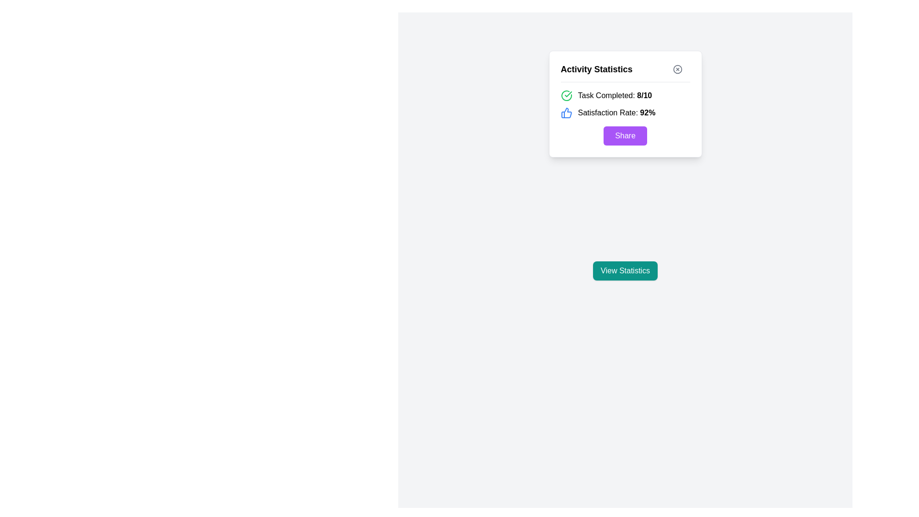 Image resolution: width=919 pixels, height=517 pixels. Describe the element at coordinates (648, 112) in the screenshot. I see `the text label displaying '92%' which is styled in black bold font and located next to 'Satisfaction Rate:' inside the 'Activity Statistics' card` at that location.